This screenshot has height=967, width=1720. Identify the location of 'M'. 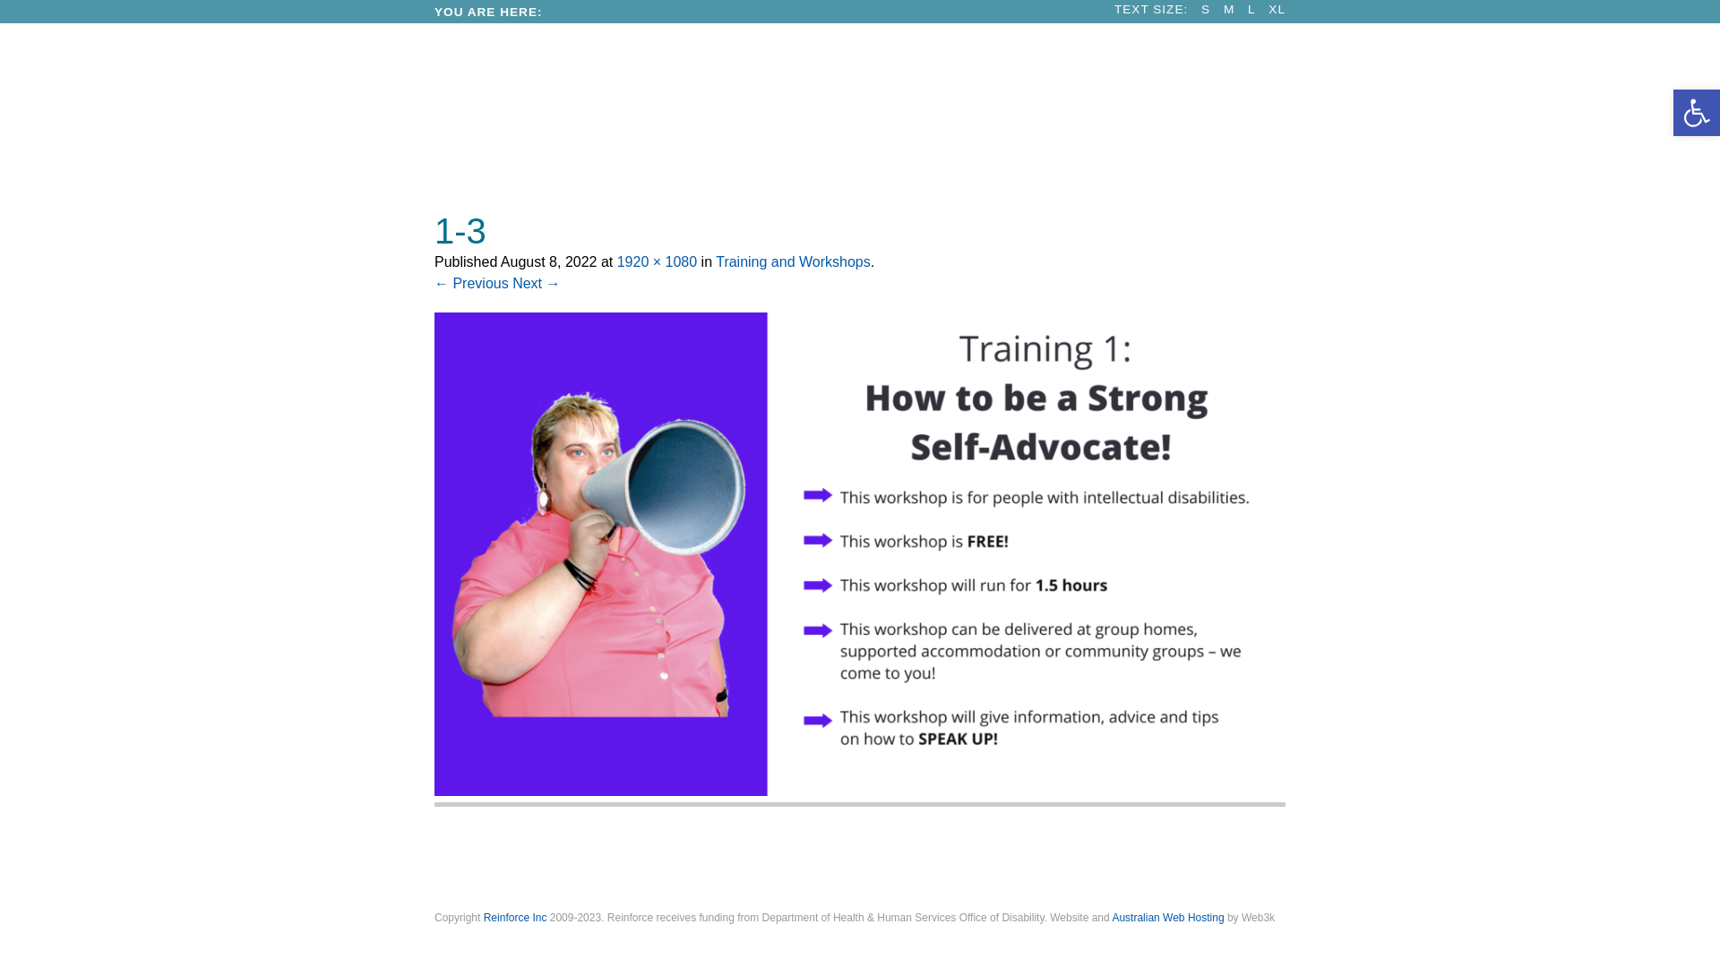
(1228, 9).